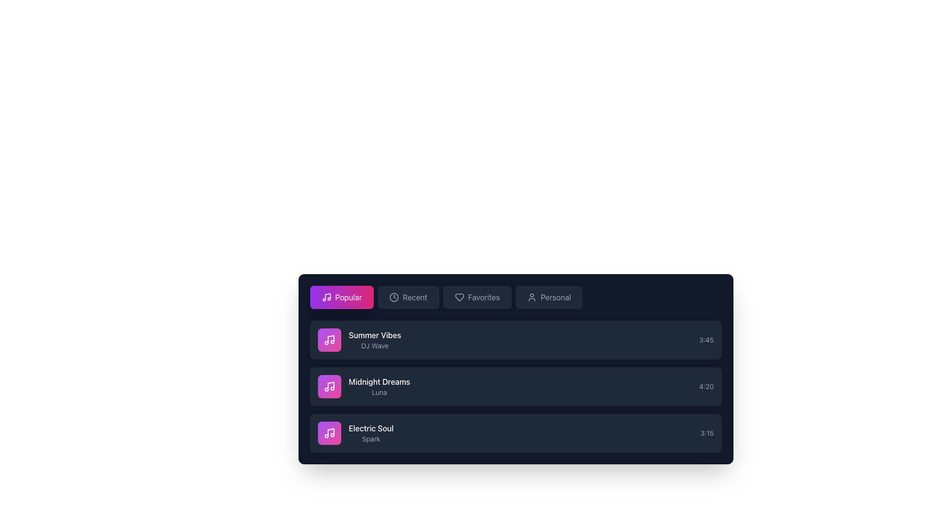 The height and width of the screenshot is (524, 932). I want to click on the interactive list item labeled 'Midnight Dreams Luna', so click(515, 386).